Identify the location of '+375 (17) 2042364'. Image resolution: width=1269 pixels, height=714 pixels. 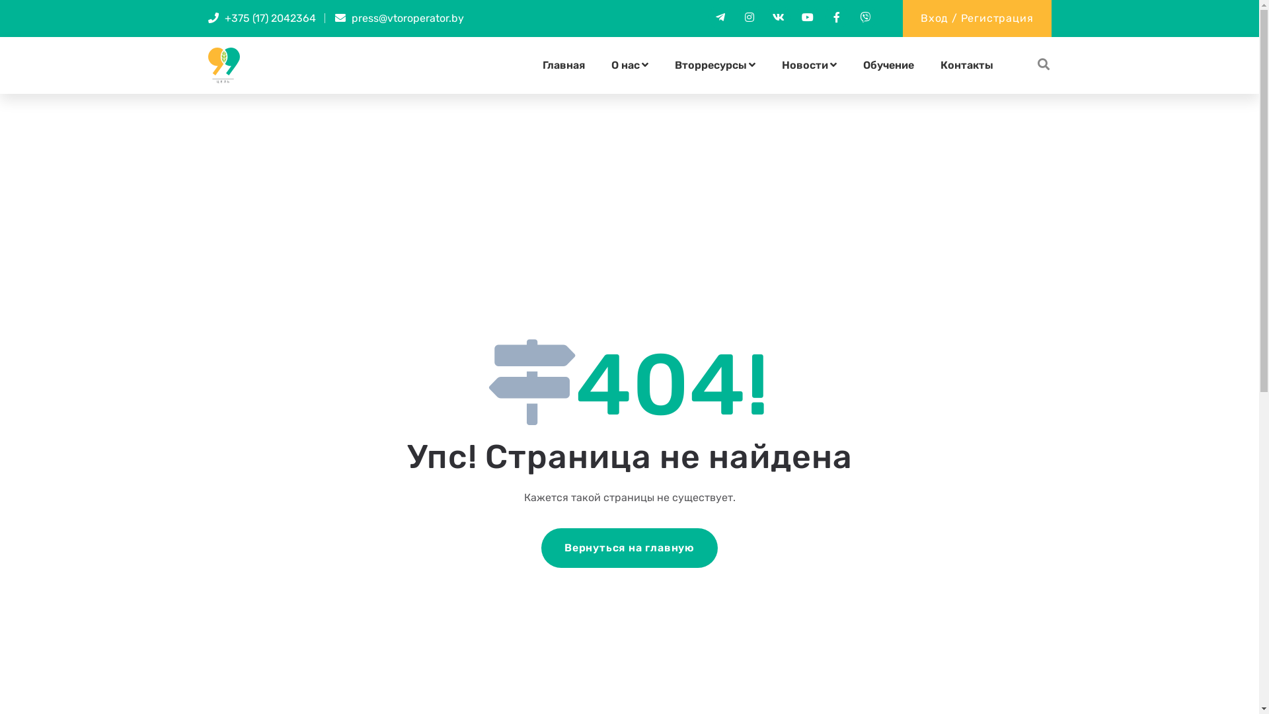
(225, 18).